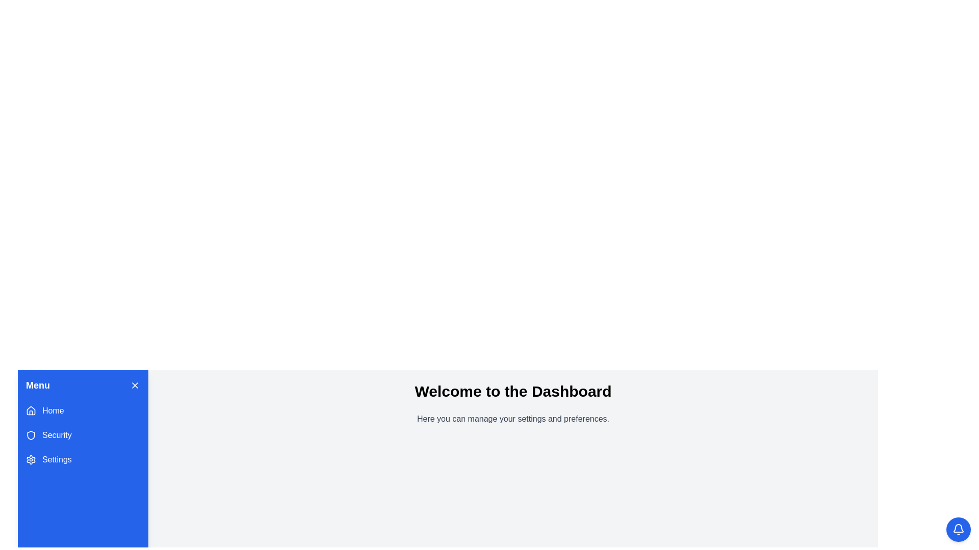  I want to click on the blue circular button with a white bell icon in its center, so click(958, 529).